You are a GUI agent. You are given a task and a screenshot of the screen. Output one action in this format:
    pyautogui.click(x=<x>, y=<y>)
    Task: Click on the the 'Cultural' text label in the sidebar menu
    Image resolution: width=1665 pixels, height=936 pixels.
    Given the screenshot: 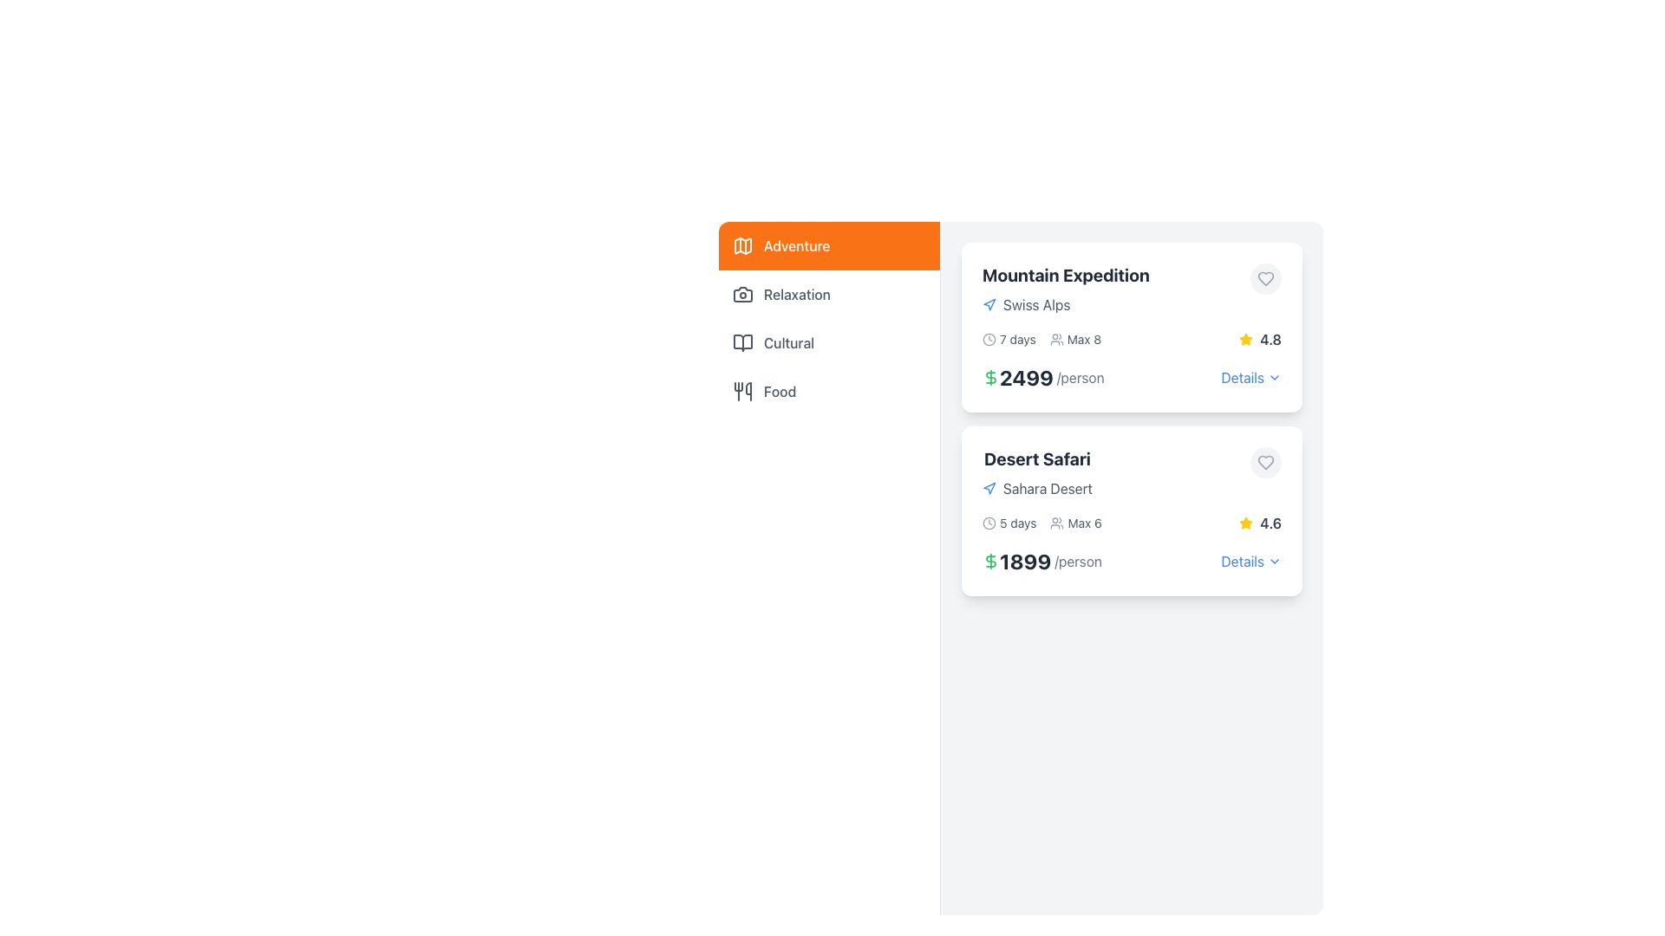 What is the action you would take?
    pyautogui.click(x=788, y=343)
    